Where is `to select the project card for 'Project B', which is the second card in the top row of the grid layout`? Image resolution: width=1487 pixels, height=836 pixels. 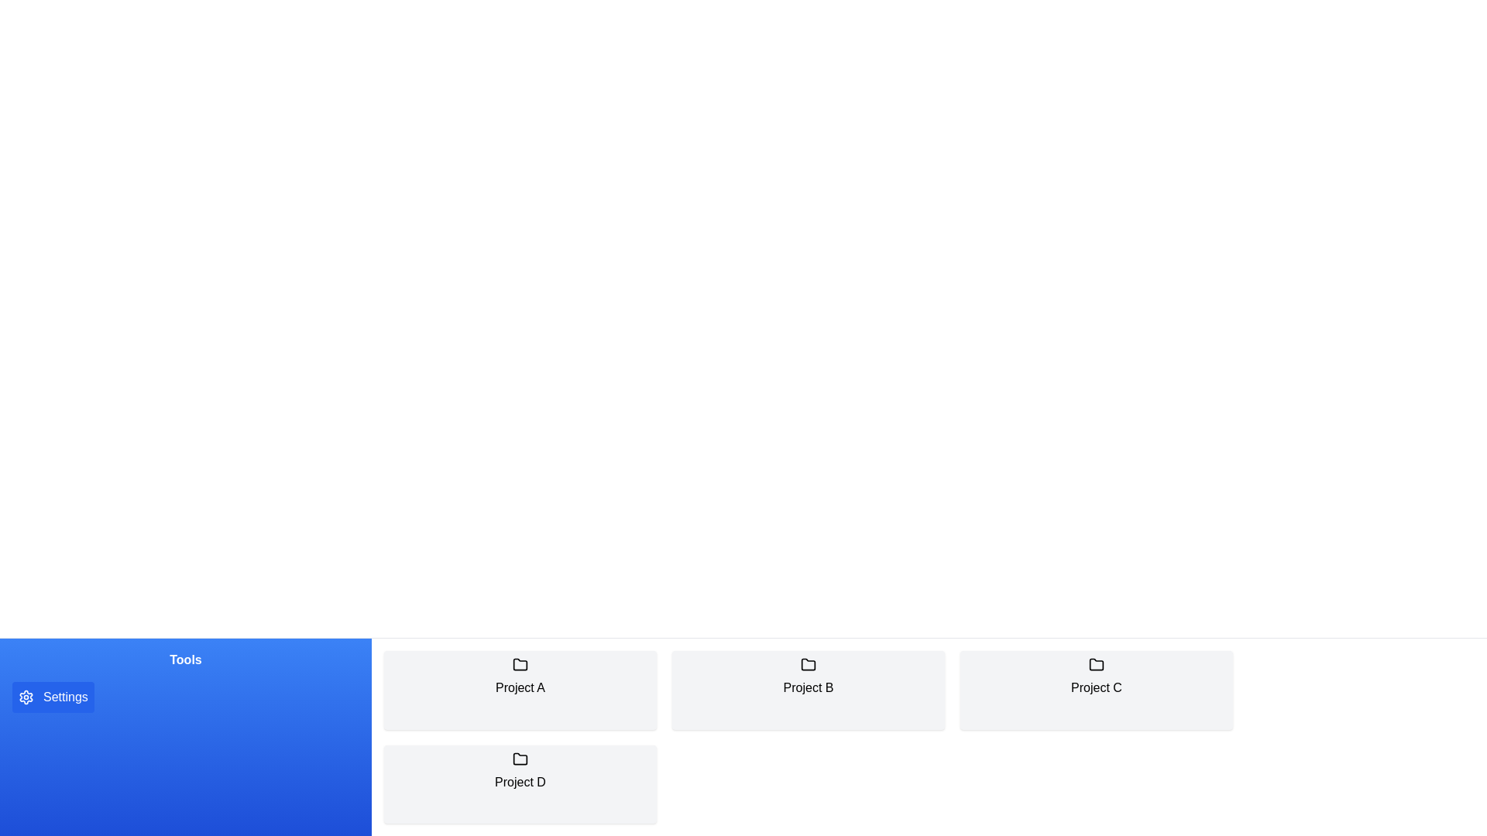
to select the project card for 'Project B', which is the second card in the top row of the grid layout is located at coordinates (807, 689).